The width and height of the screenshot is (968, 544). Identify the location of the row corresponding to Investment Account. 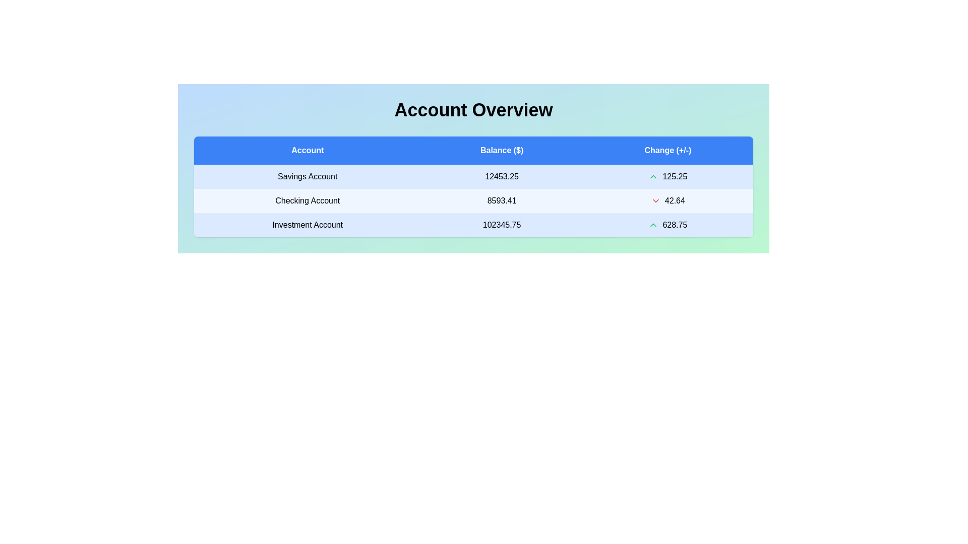
(473, 225).